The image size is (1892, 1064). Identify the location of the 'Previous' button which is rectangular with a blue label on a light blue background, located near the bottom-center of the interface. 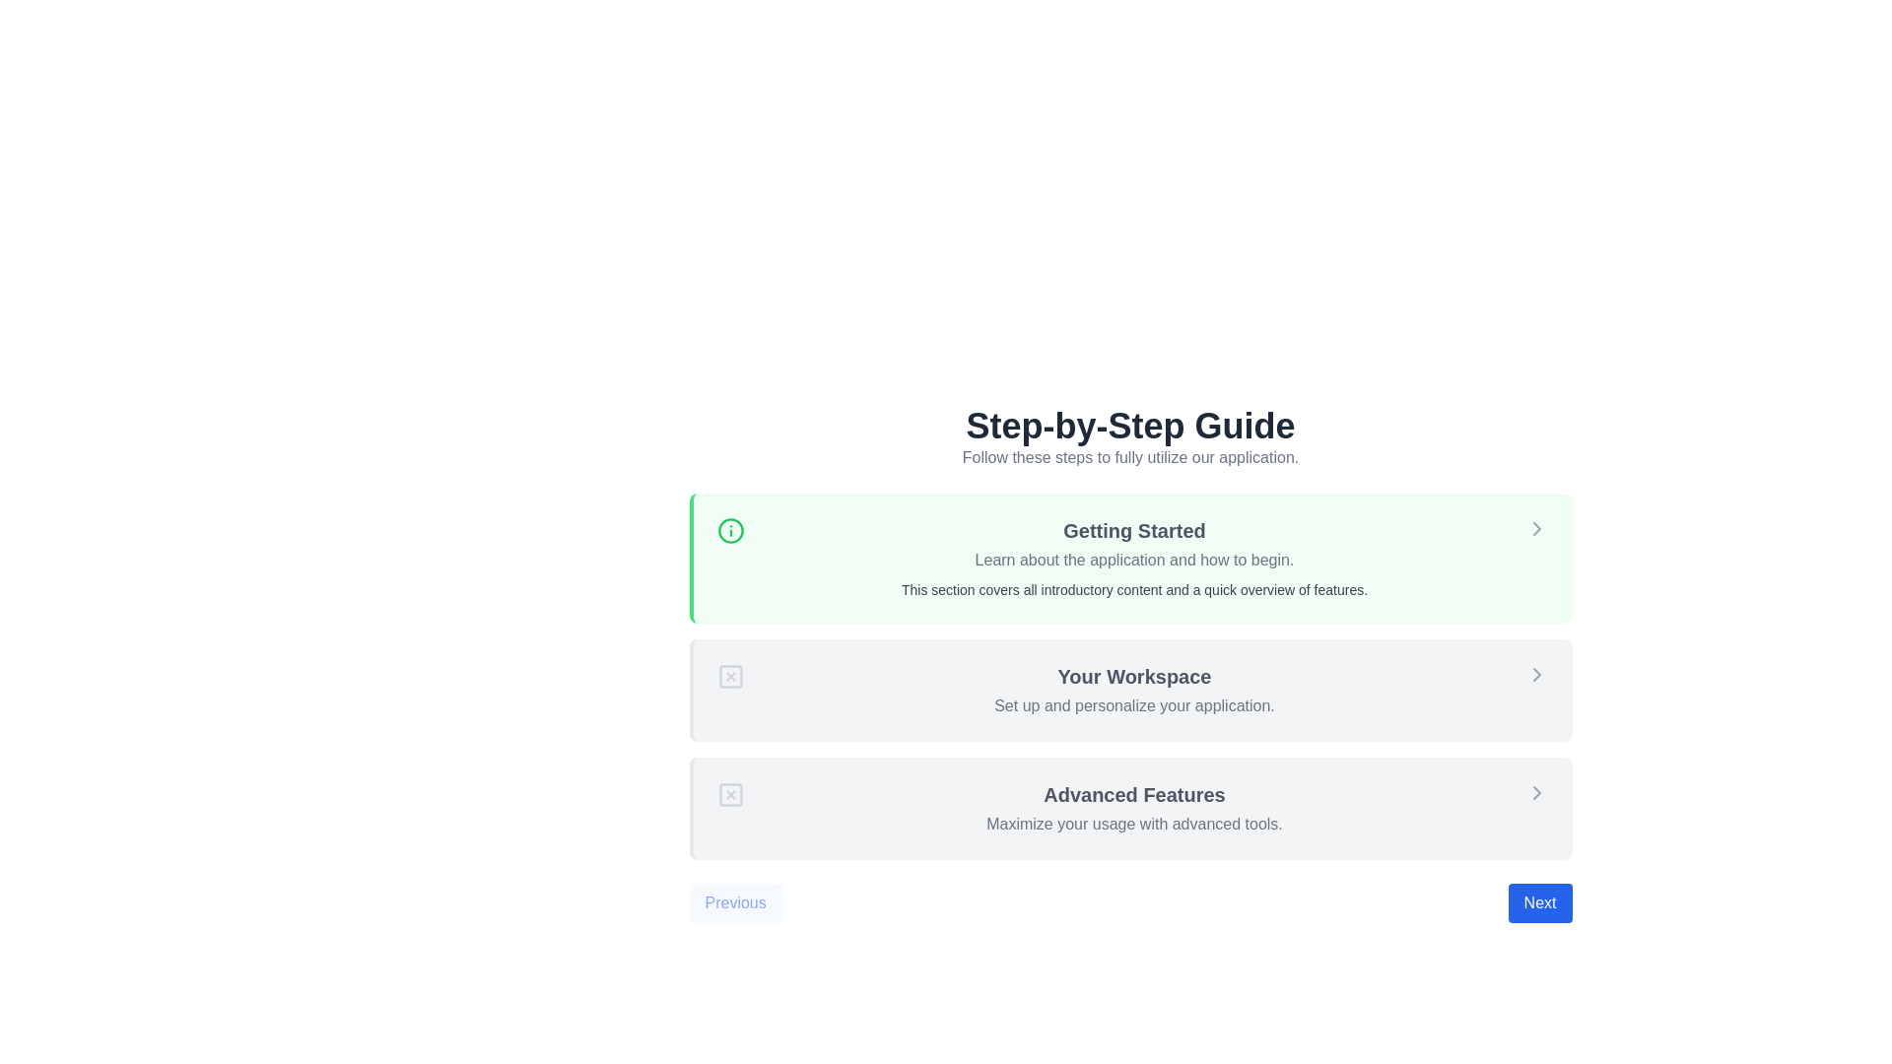
(734, 903).